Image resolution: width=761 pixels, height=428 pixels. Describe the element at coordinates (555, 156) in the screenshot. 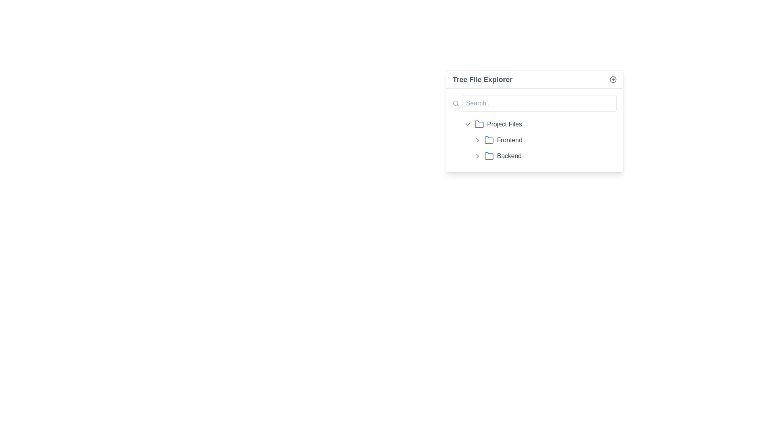

I see `the 'Backend' folder label within the Tree File Explorer` at that location.